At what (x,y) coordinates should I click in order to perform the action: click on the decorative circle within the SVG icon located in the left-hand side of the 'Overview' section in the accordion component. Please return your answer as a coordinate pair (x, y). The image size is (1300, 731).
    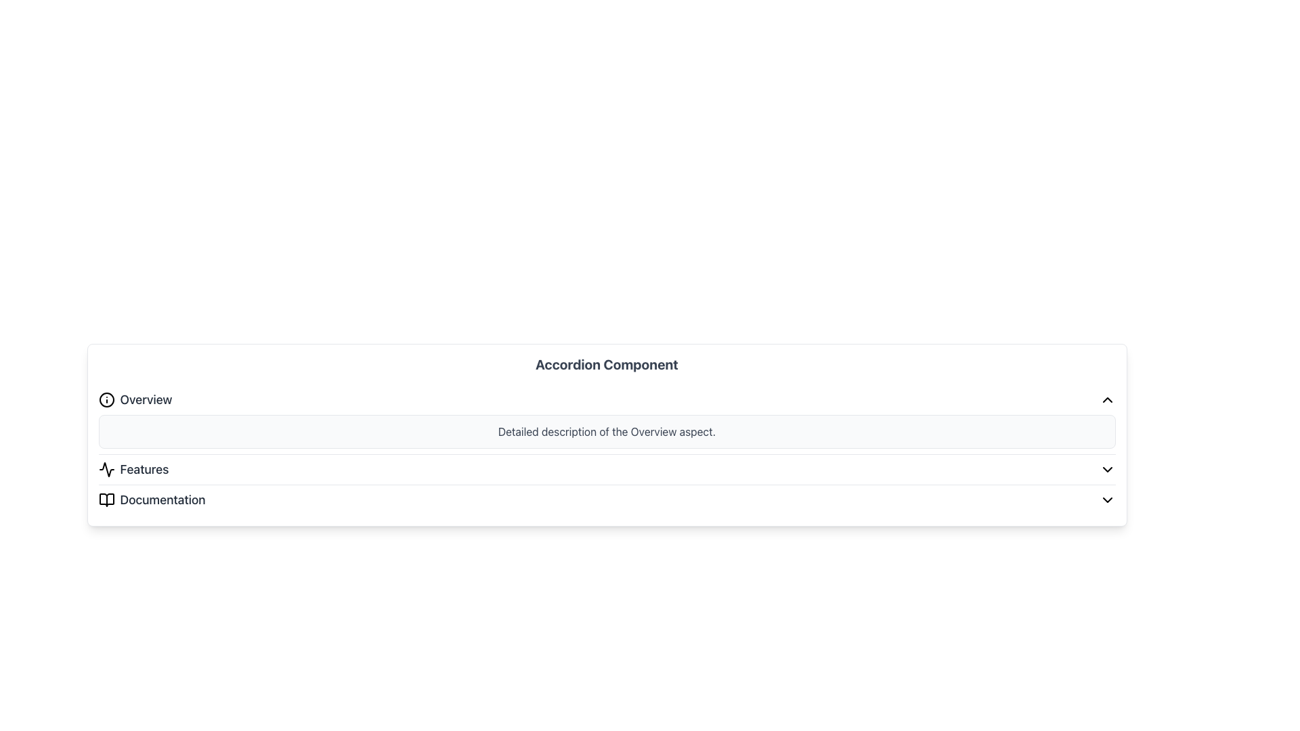
    Looking at the image, I should click on (106, 399).